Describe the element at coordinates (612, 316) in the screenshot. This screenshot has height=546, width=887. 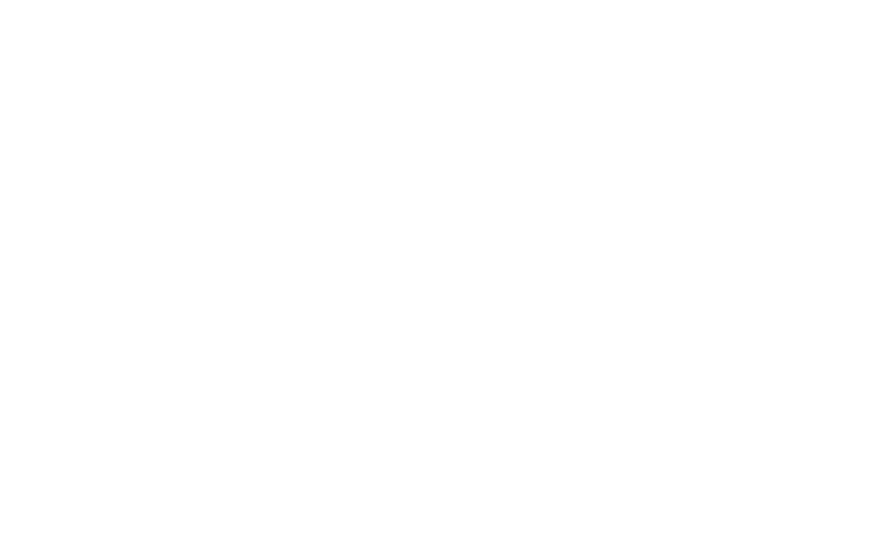
I see `'Press Room'` at that location.